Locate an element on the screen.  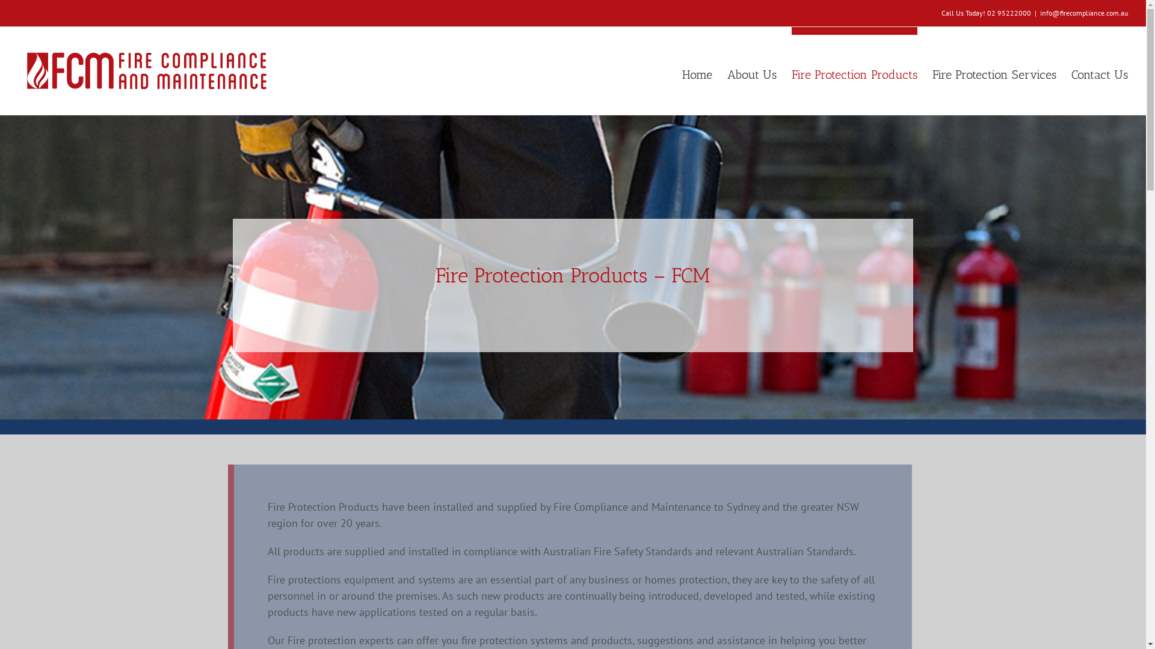
'Fire Protection Services' is located at coordinates (994, 70).